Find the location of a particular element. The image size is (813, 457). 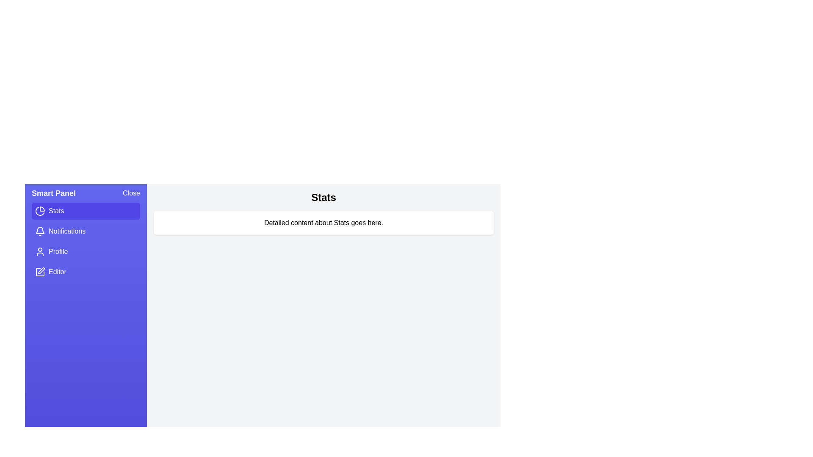

'Close' button to toggle the drawer closed is located at coordinates (131, 193).